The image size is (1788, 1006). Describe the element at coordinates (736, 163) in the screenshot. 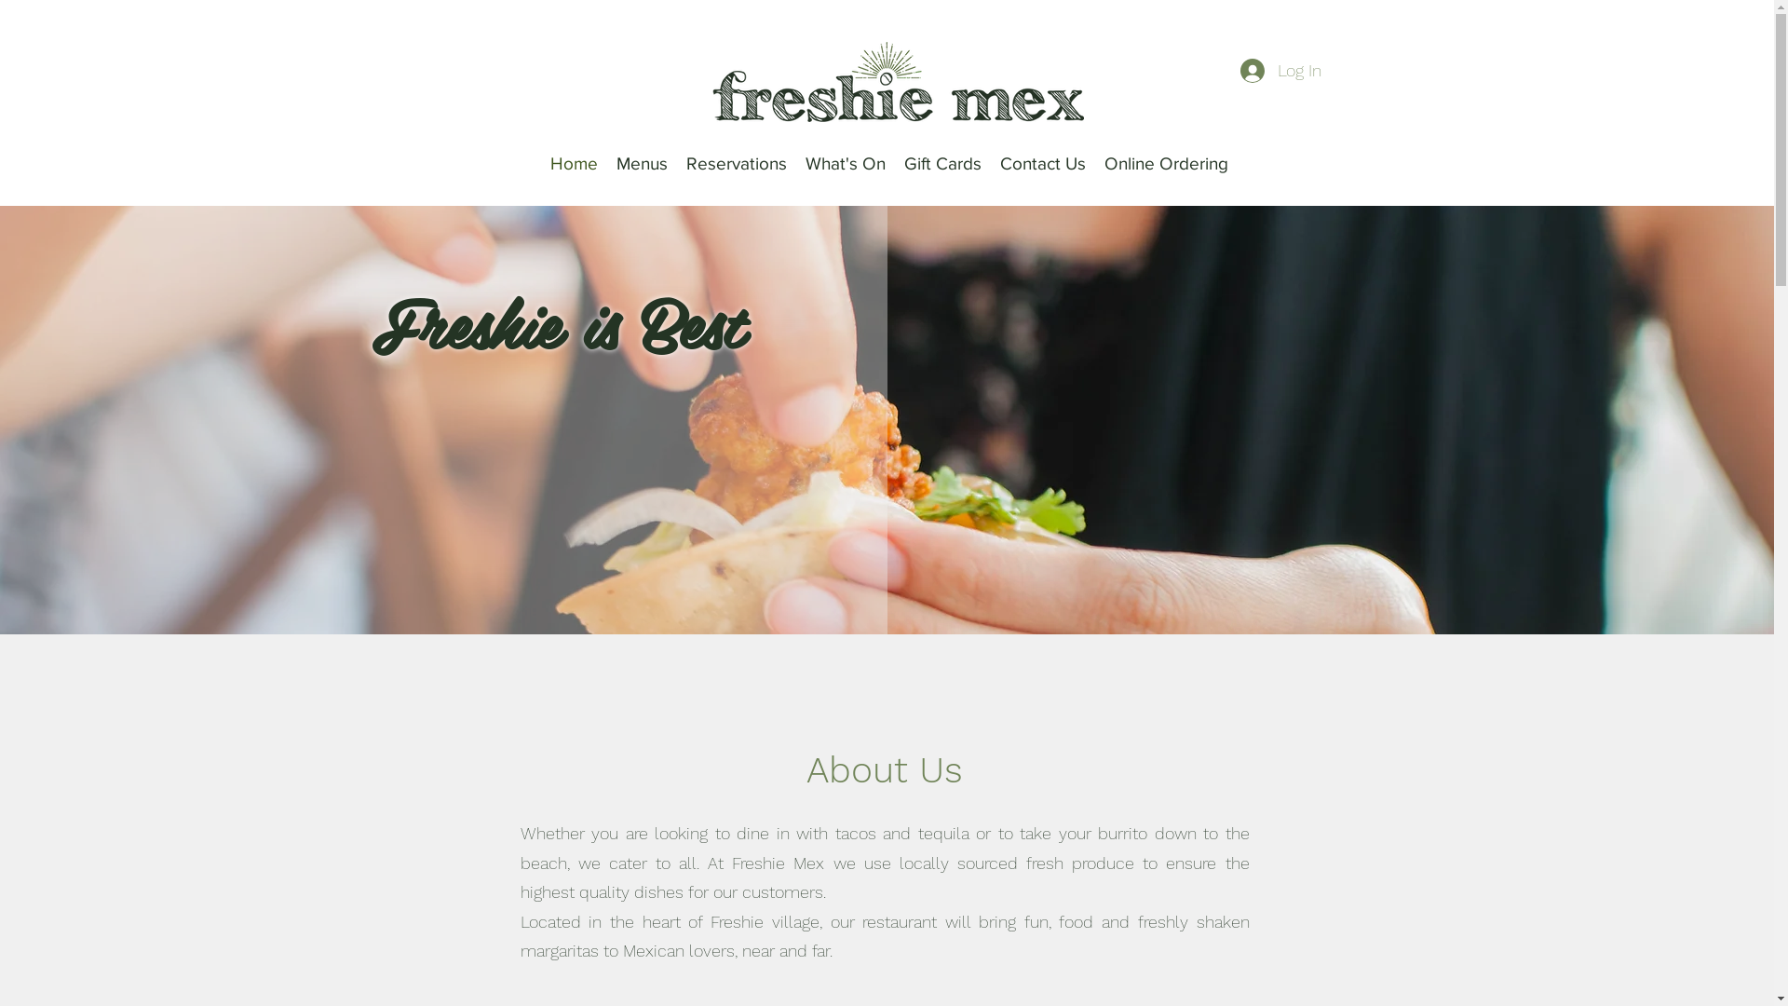

I see `'Reservations'` at that location.